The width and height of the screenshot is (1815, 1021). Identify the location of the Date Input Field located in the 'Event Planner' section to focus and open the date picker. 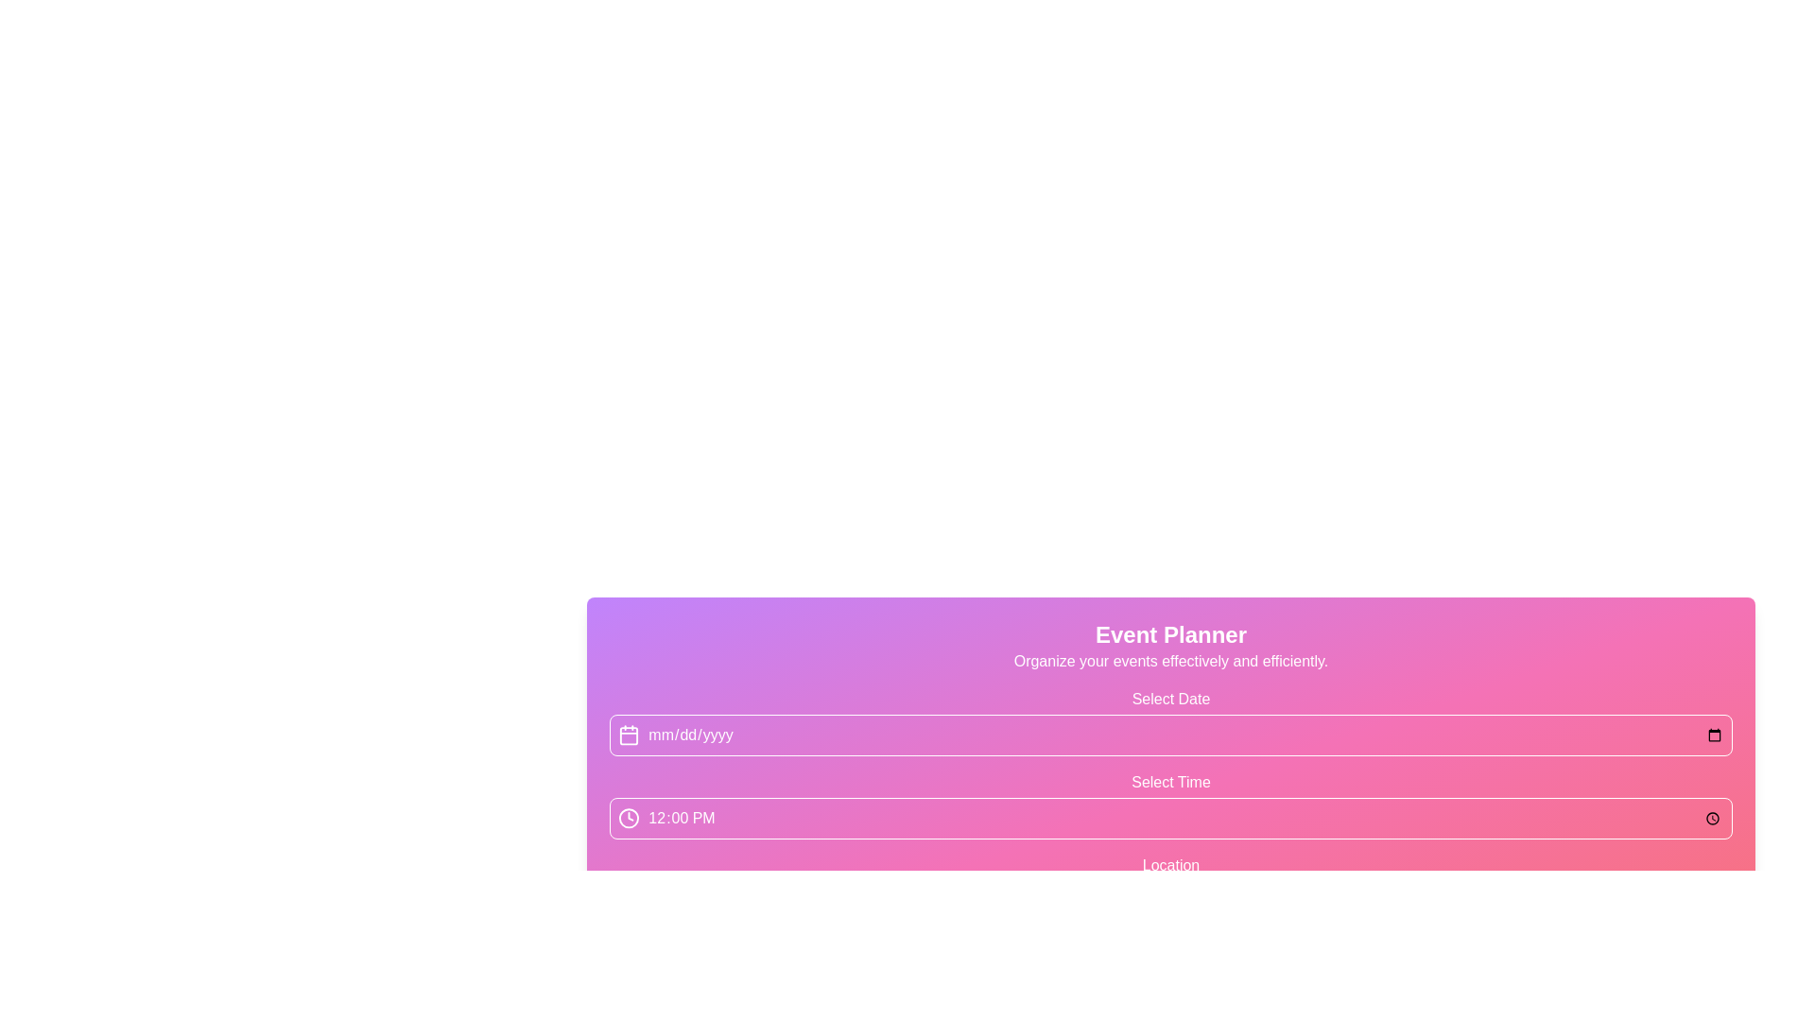
(1169, 735).